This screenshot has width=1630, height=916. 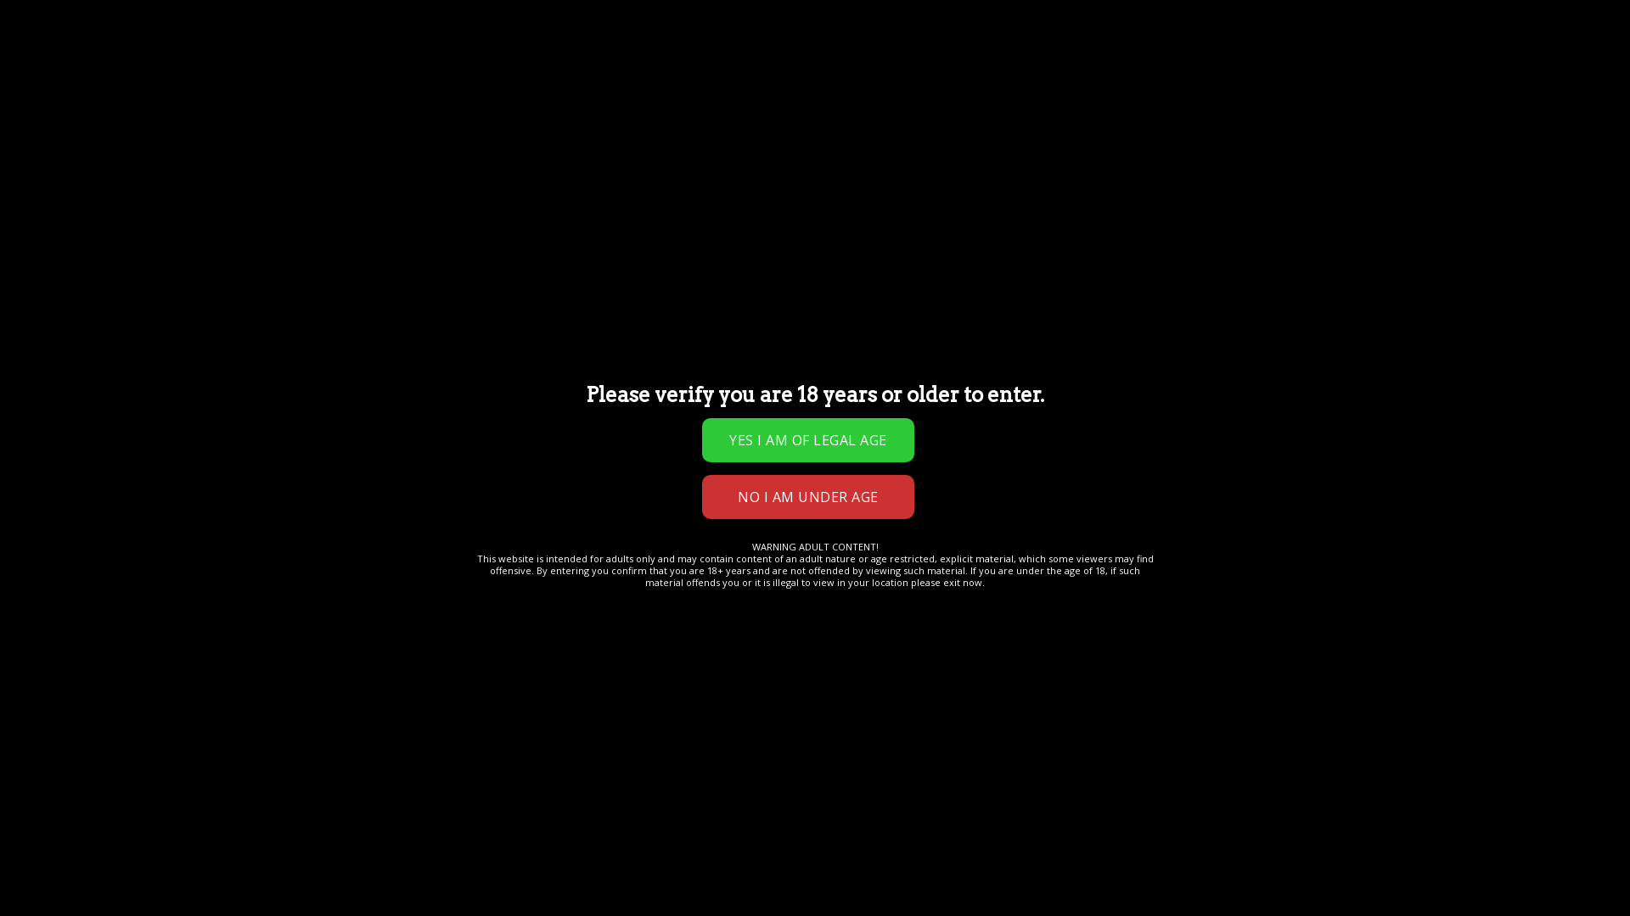 I want to click on 'CONTACT US', so click(x=95, y=94).